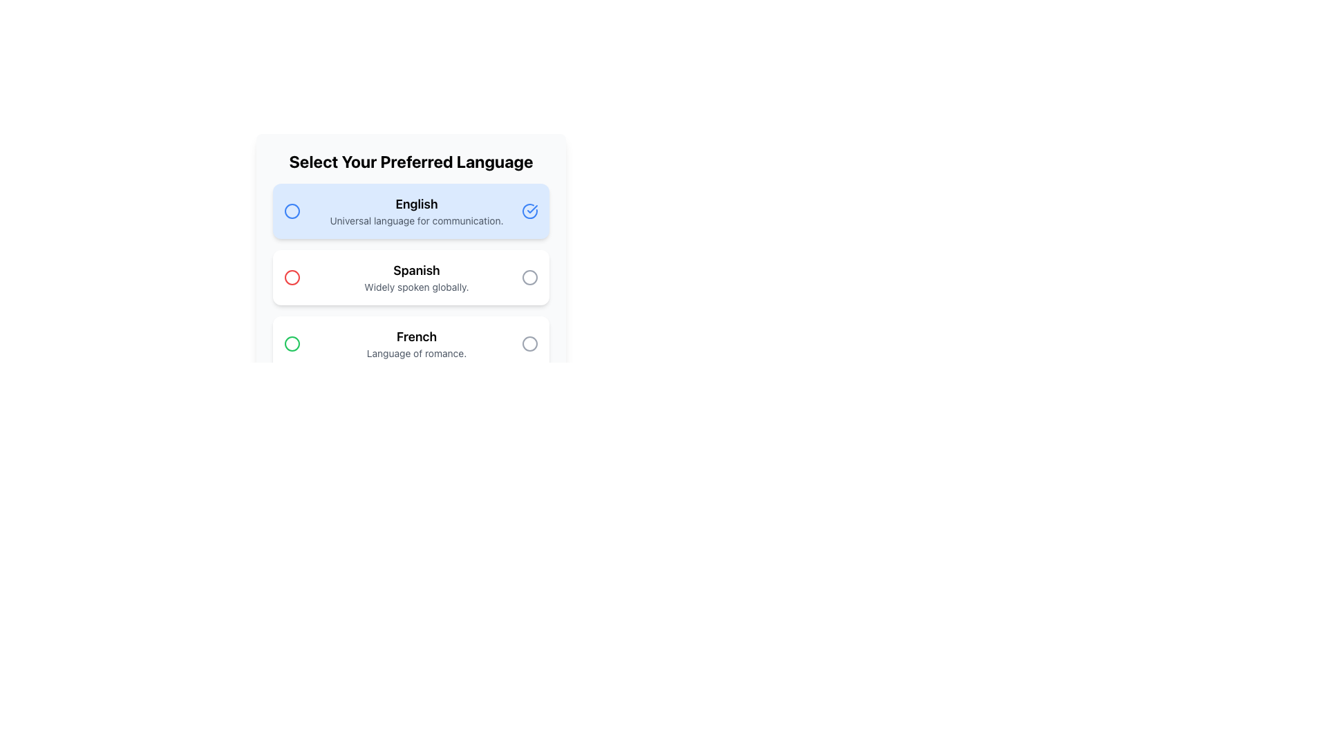  What do you see at coordinates (529, 343) in the screenshot?
I see `the circular indicator icon located to the far right of the 'French' language option, adjacent to the text 'Language of romance.'` at bounding box center [529, 343].